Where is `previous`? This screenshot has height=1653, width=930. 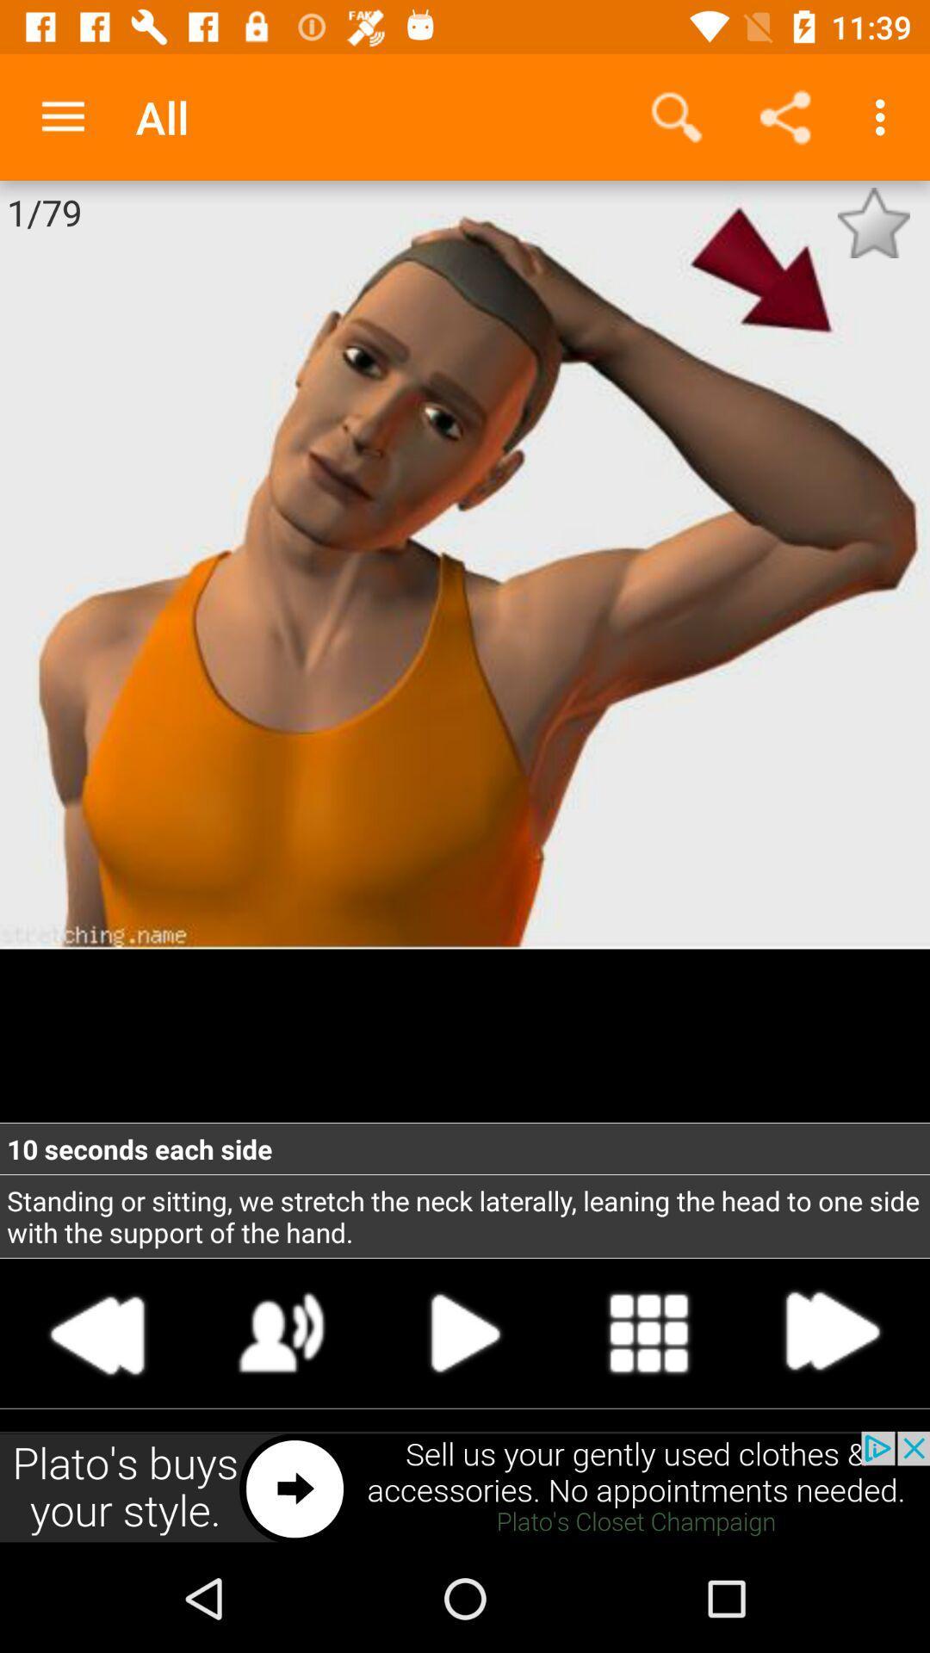 previous is located at coordinates (98, 1332).